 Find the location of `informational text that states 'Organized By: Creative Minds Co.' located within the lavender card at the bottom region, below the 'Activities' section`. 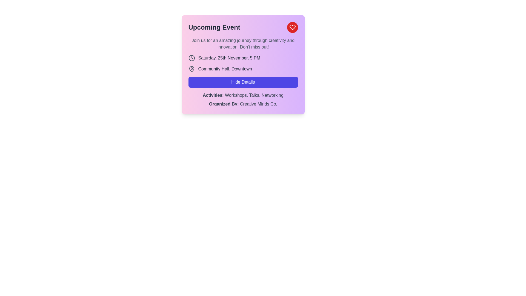

informational text that states 'Organized By: Creative Minds Co.' located within the lavender card at the bottom region, below the 'Activities' section is located at coordinates (243, 104).